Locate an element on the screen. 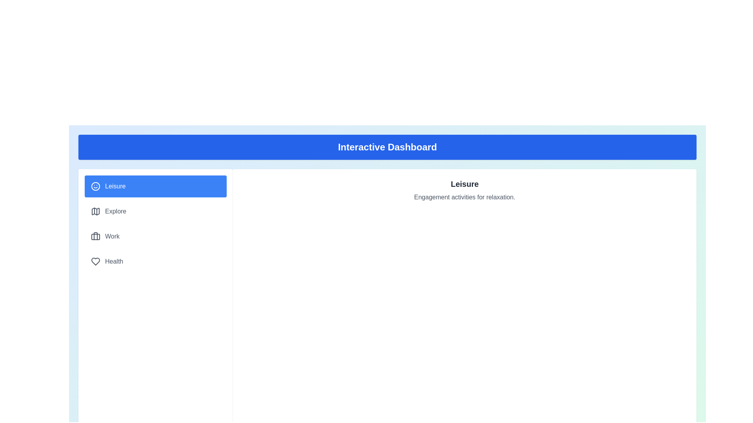 The image size is (753, 423). the tab labeled Health from the navigation panel is located at coordinates (156, 261).